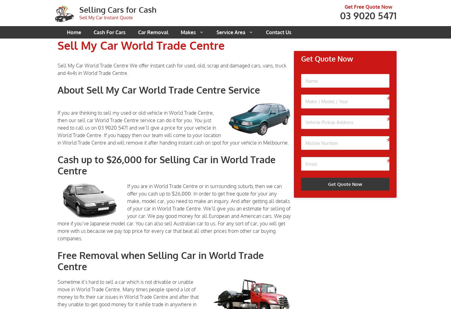 Image resolution: width=451 pixels, height=309 pixels. I want to click on 'About Sell My Car World Trade Centre Service', so click(159, 90).